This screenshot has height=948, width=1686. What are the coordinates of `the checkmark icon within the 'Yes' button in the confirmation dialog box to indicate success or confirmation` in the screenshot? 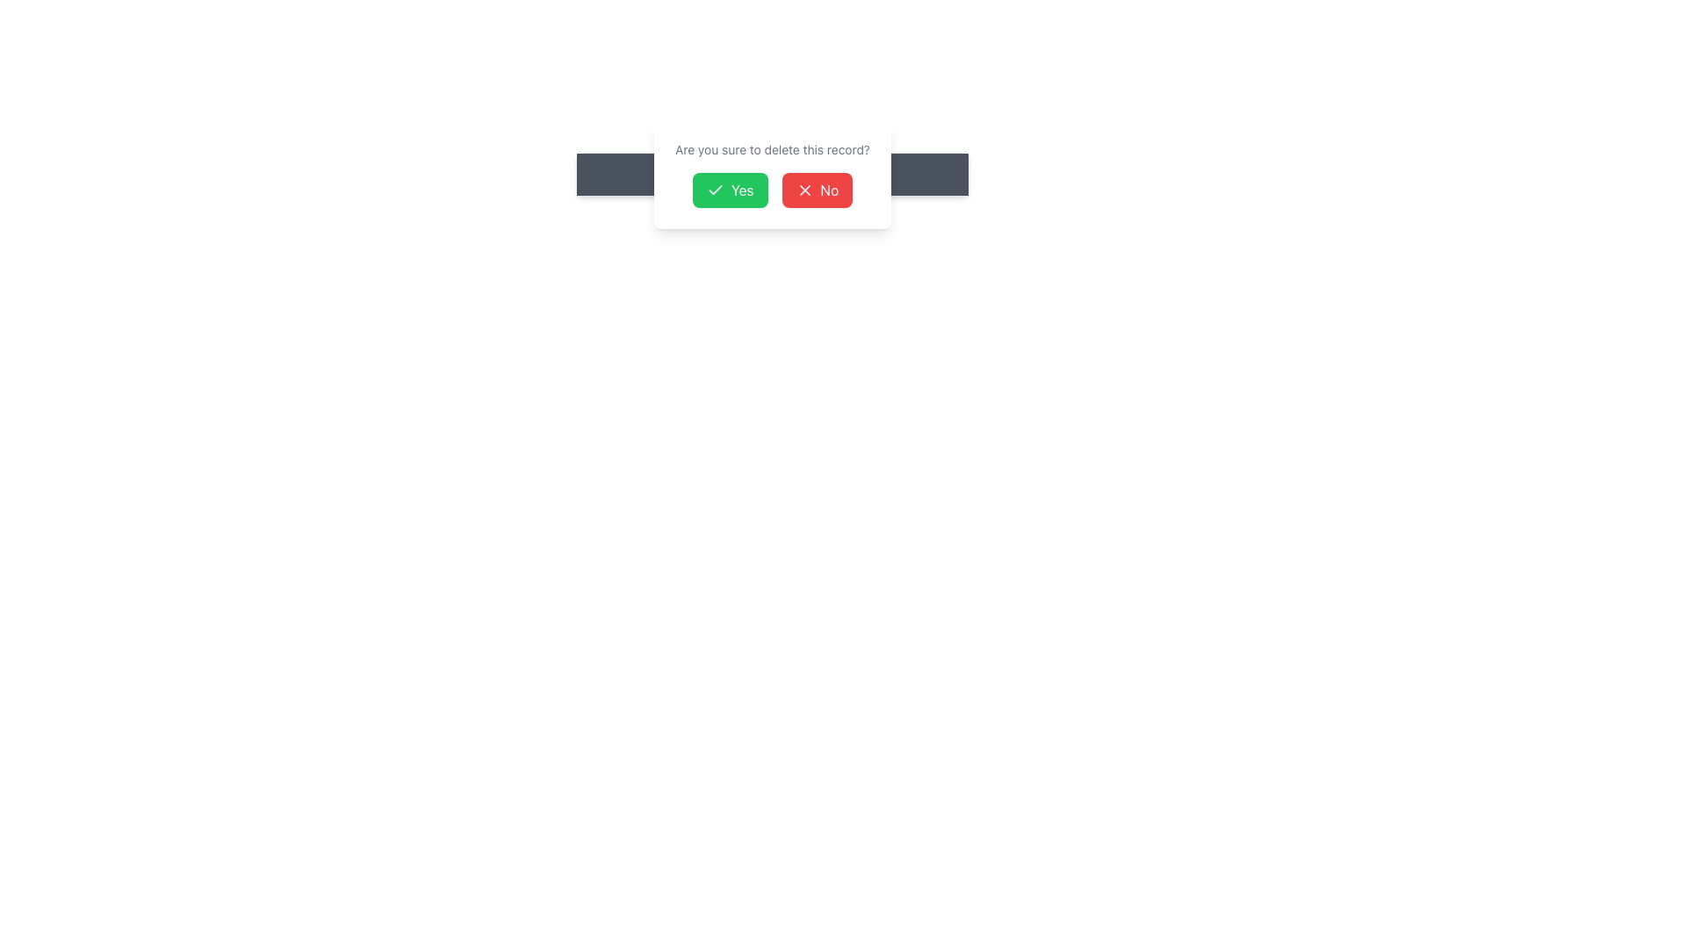 It's located at (715, 190).